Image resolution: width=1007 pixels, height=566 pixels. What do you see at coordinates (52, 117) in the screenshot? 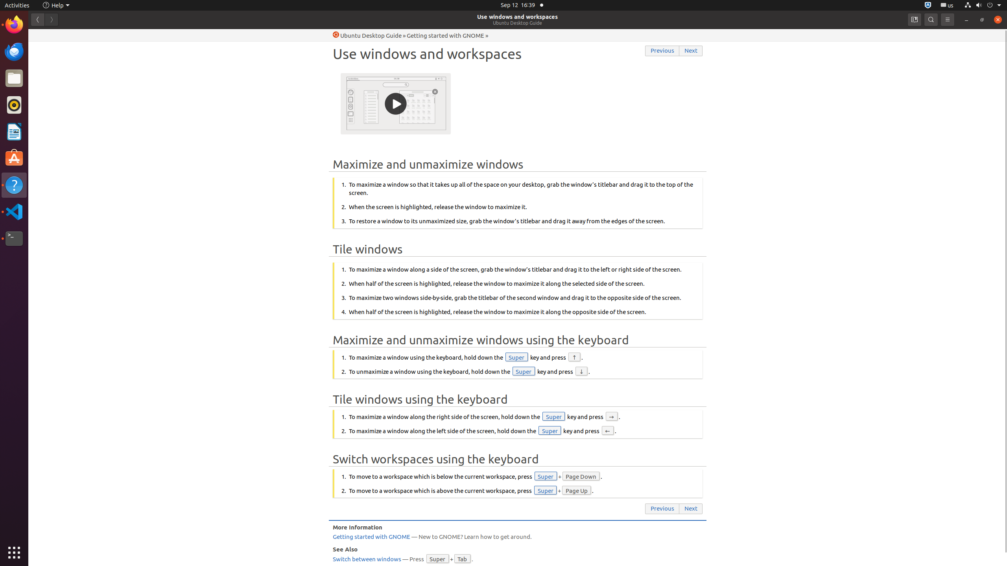
I see `'IsaHelpMain.desktop'` at bounding box center [52, 117].